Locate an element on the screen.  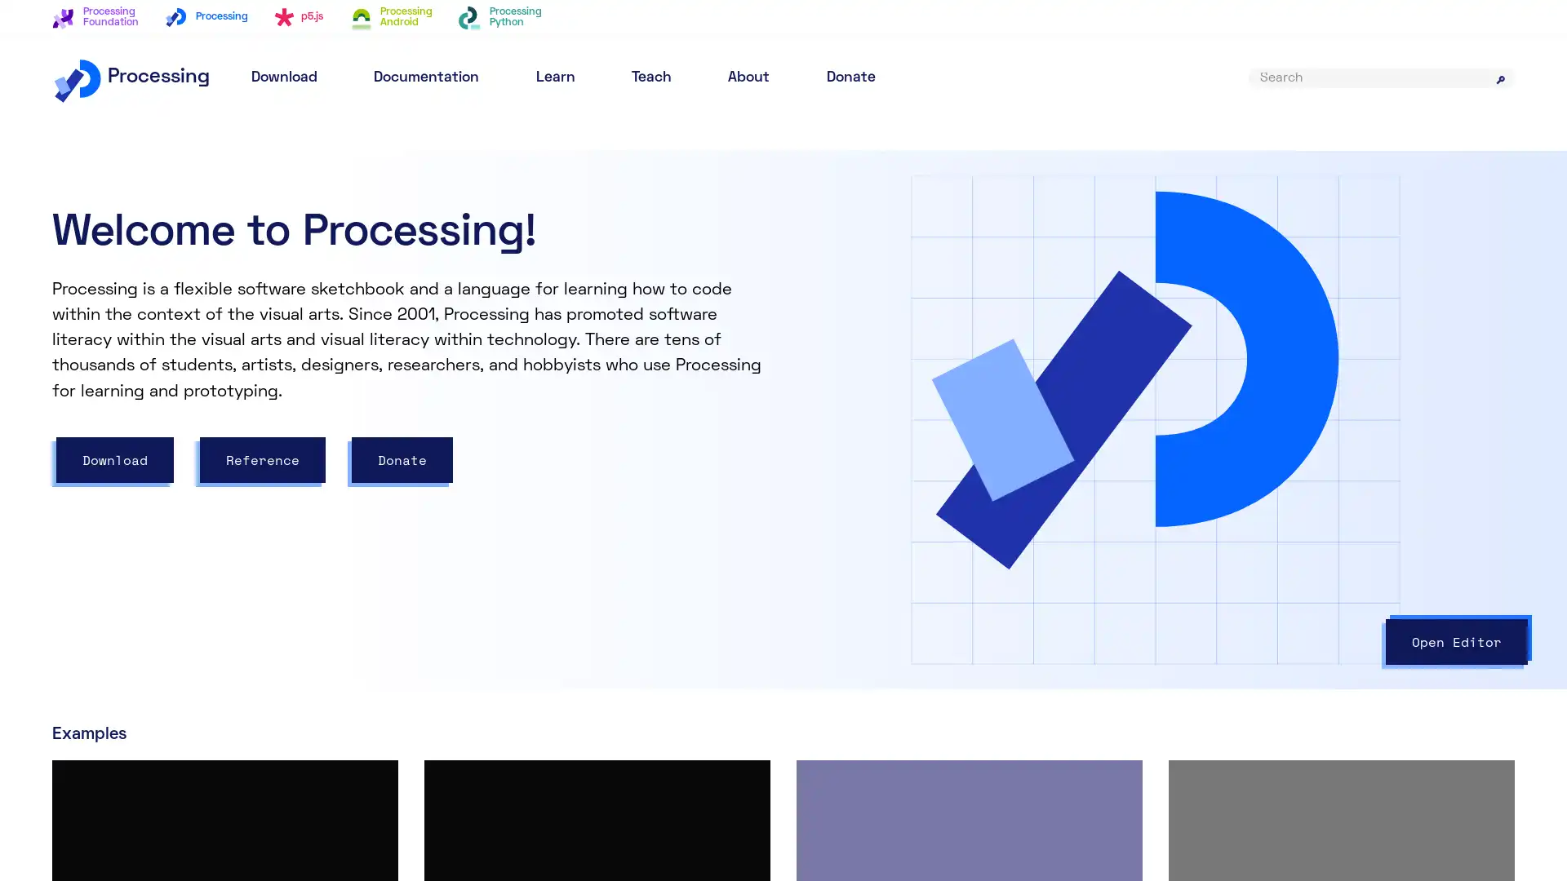
change position is located at coordinates (870, 559).